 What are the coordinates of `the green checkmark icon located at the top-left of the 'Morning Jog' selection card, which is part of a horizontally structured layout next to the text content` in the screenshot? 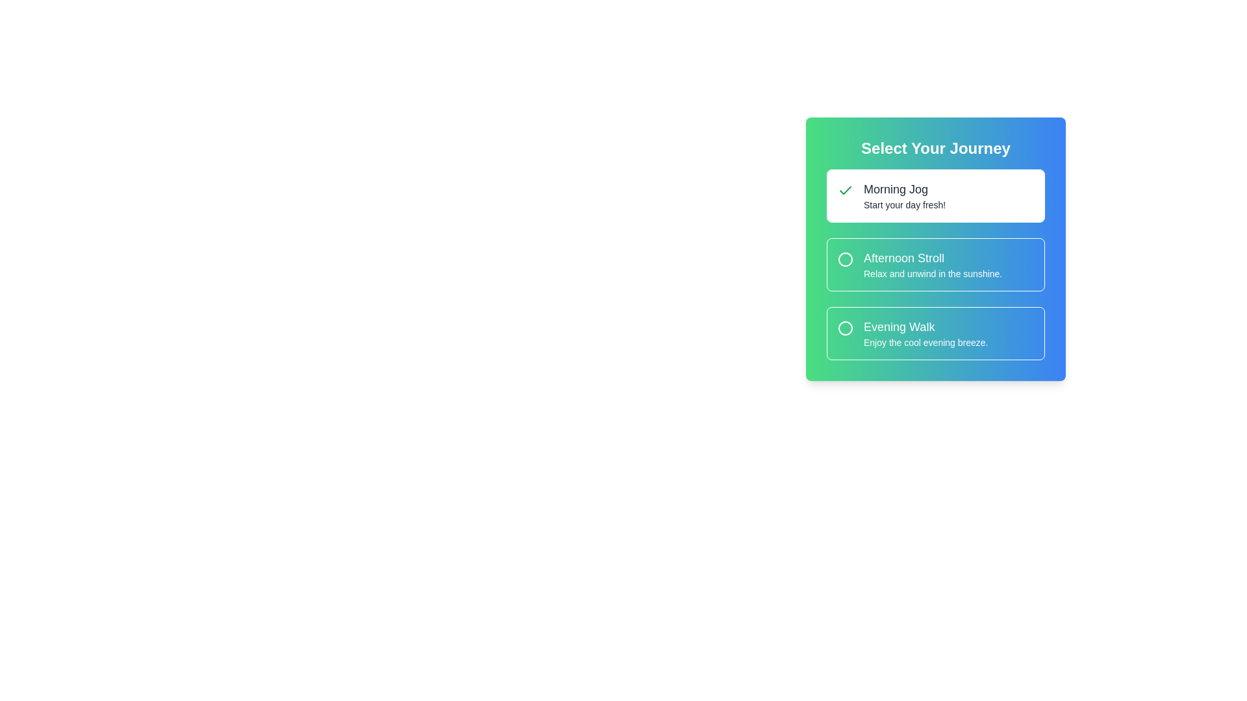 It's located at (845, 190).